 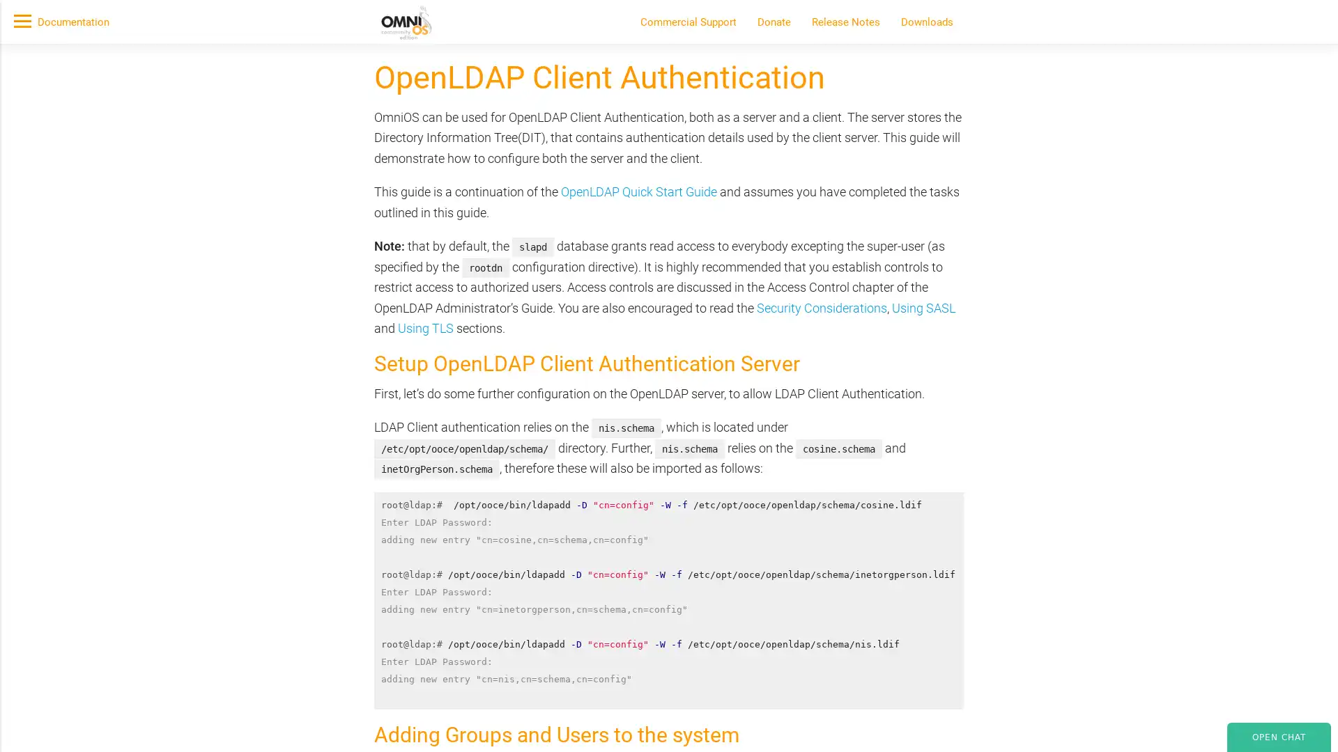 I want to click on SUBSCRIBE NOW!, so click(x=383, y=157).